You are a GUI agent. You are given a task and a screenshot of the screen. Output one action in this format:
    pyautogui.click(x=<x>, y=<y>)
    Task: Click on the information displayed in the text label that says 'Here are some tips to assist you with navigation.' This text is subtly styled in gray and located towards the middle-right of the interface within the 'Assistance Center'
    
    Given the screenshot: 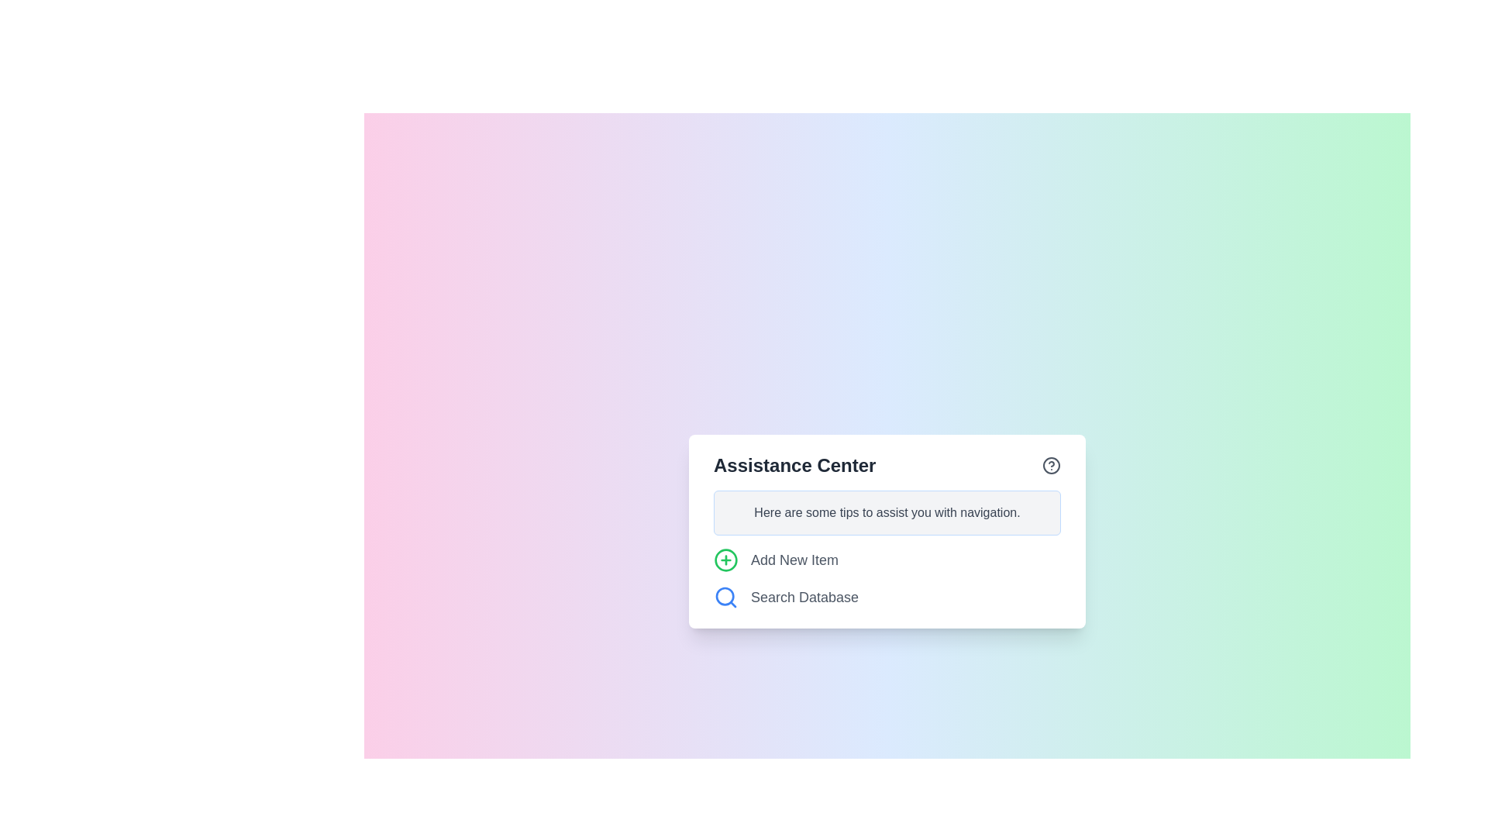 What is the action you would take?
    pyautogui.click(x=887, y=513)
    